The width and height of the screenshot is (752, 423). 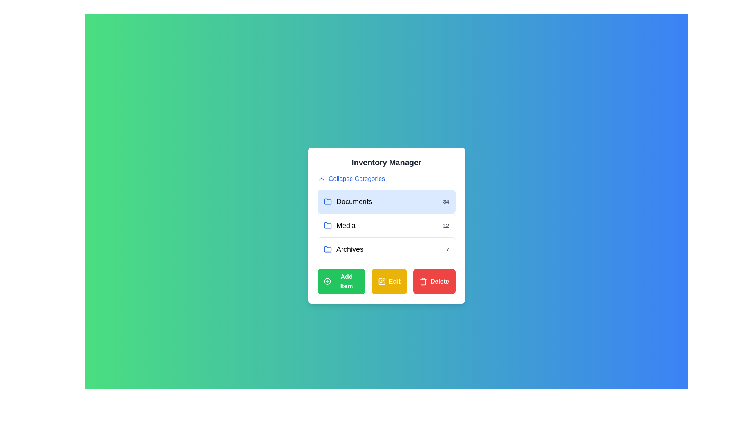 What do you see at coordinates (387, 162) in the screenshot?
I see `the title 'Inventory Manager' to interact with it` at bounding box center [387, 162].